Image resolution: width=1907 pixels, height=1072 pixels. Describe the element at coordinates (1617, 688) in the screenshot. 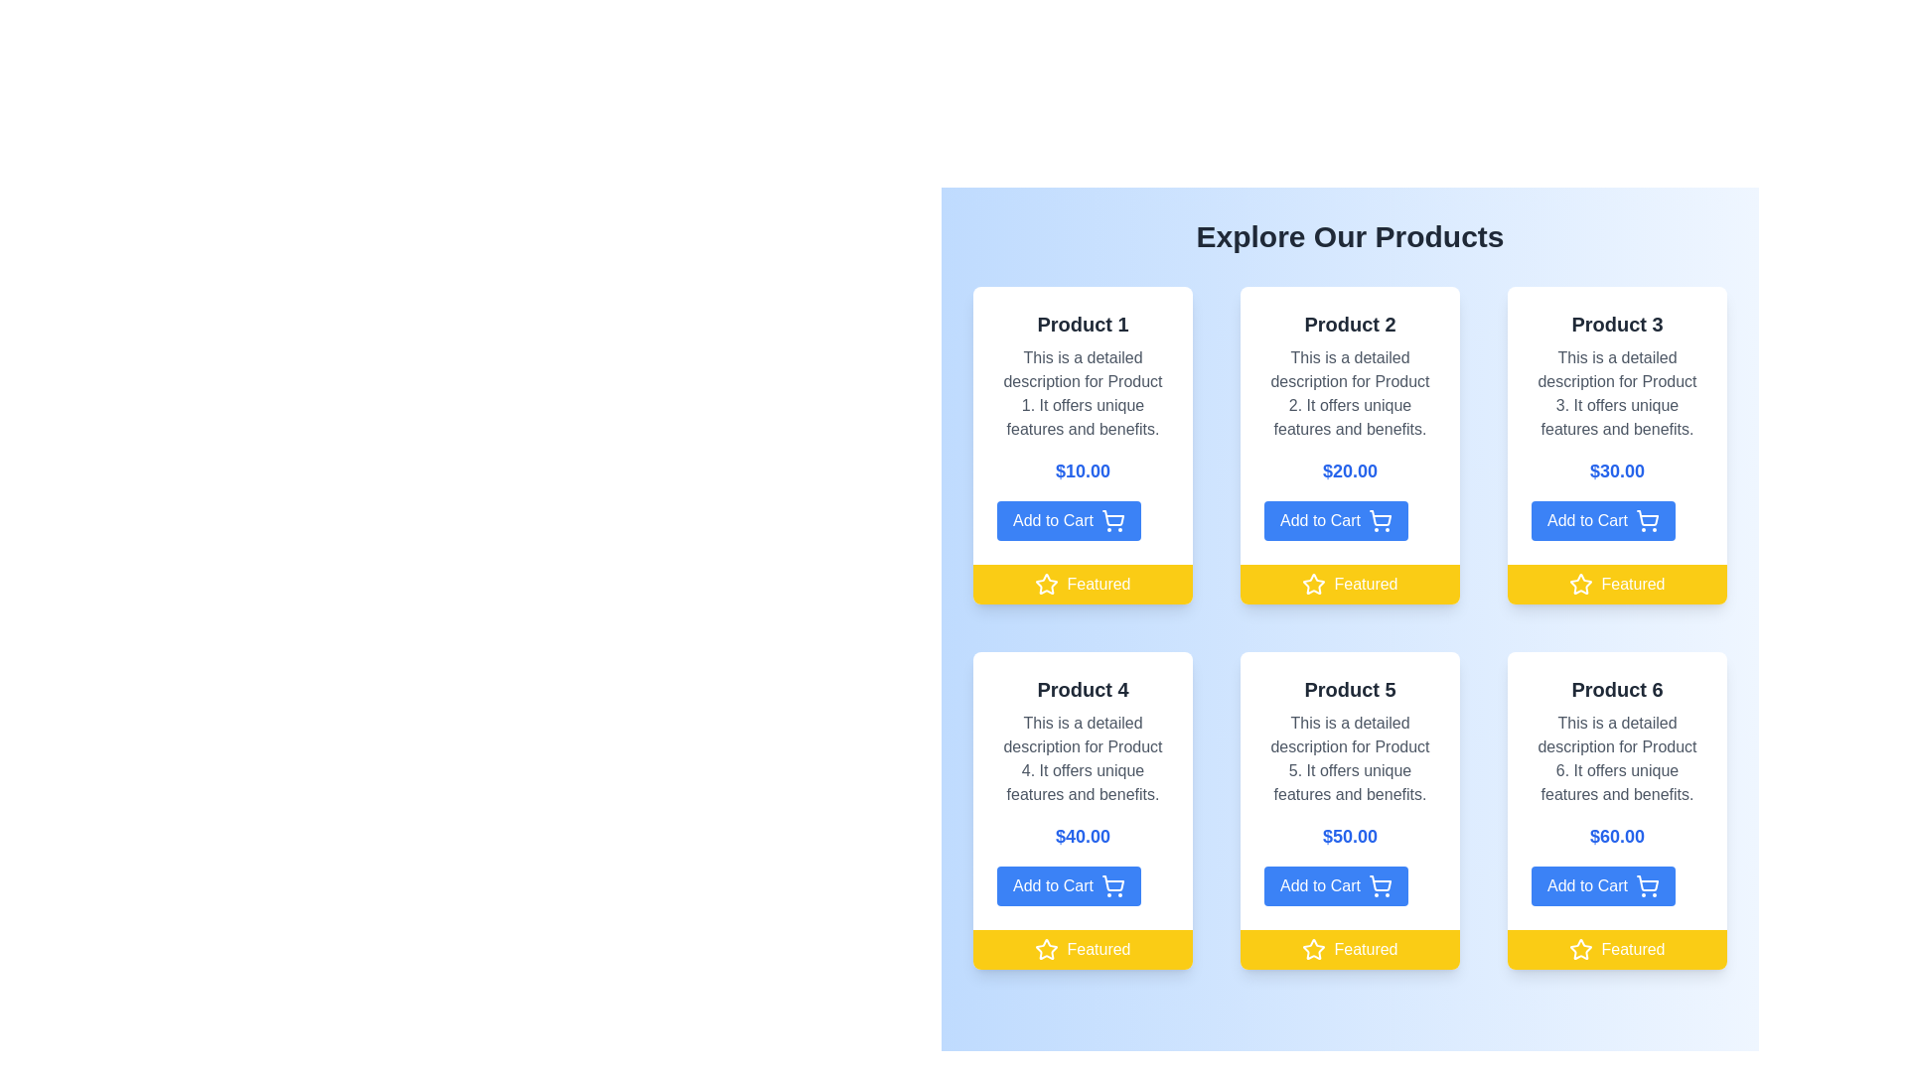

I see `the text label reading 'Product 6', which is styled in bold dark gray and positioned at the top center of the product card for 'Product 6' in the bottom right corner of the grid` at that location.